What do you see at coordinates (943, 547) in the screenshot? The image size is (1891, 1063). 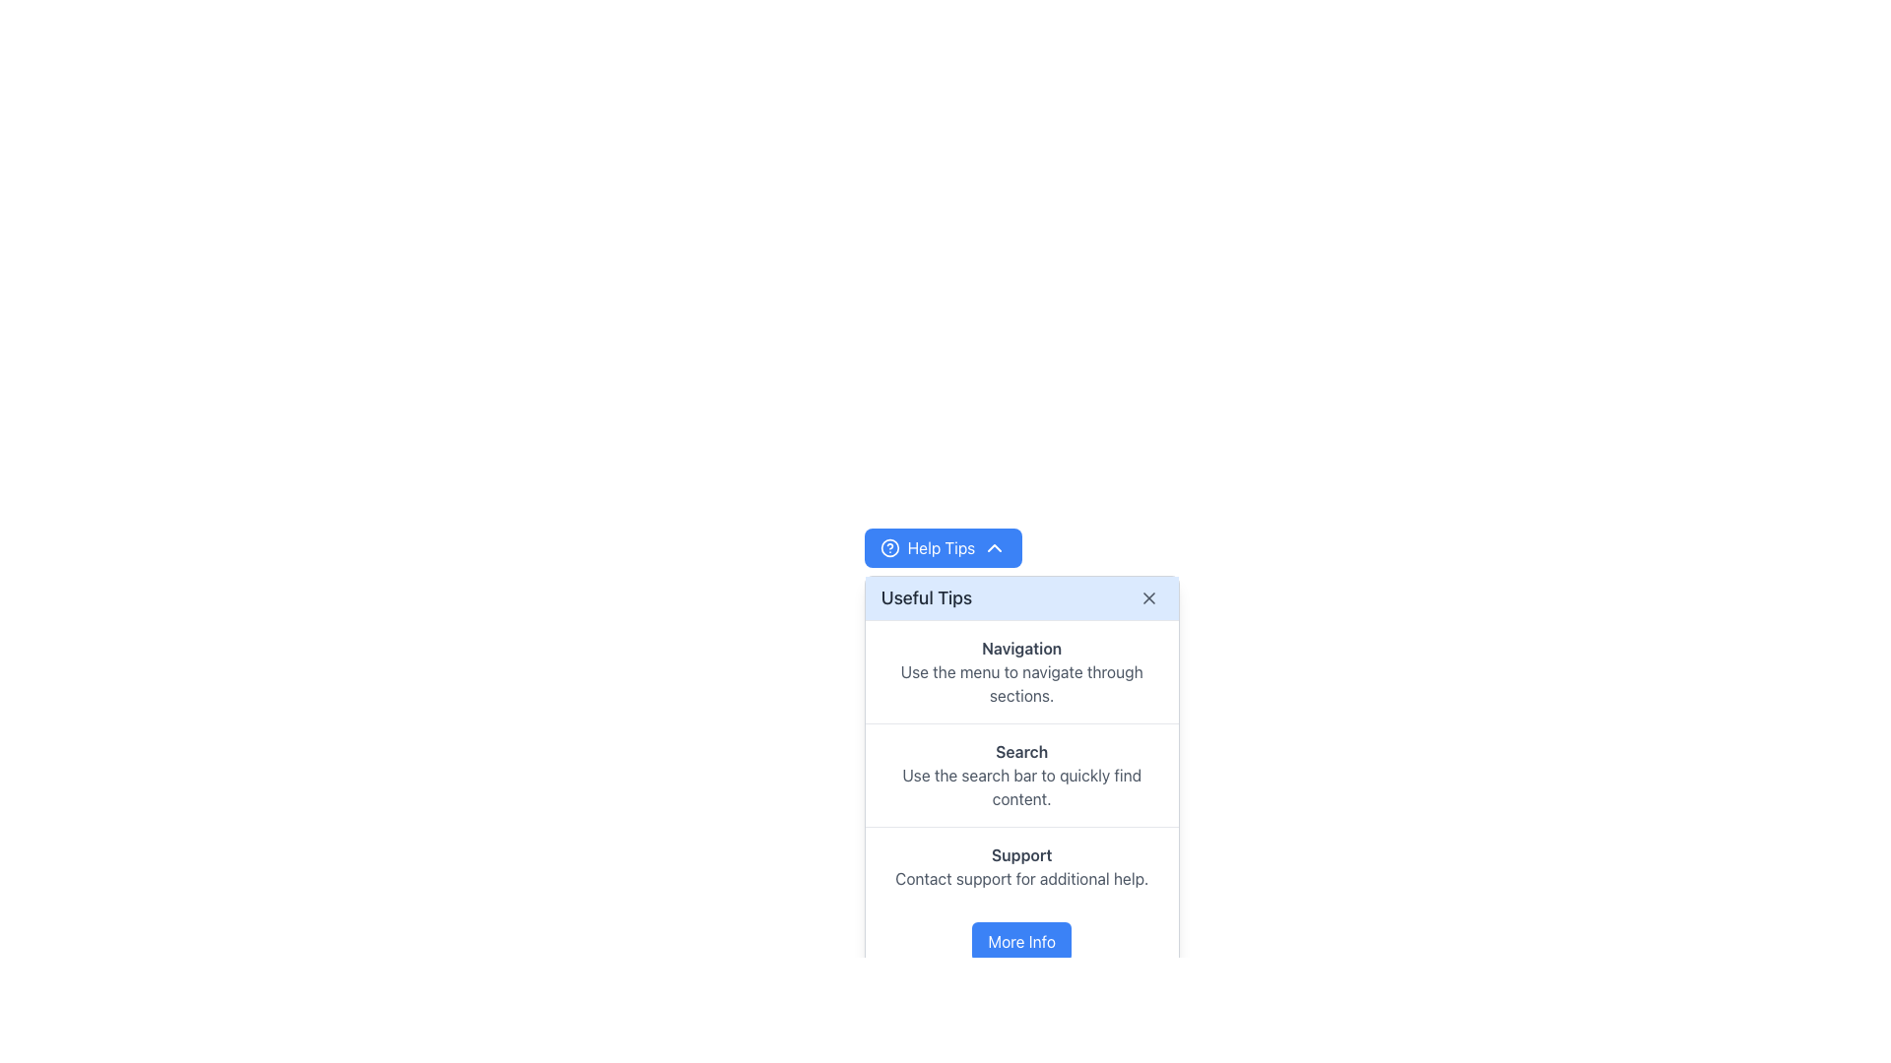 I see `the toggle button for expanding or collapsing the 'Useful Tips' section` at bounding box center [943, 547].